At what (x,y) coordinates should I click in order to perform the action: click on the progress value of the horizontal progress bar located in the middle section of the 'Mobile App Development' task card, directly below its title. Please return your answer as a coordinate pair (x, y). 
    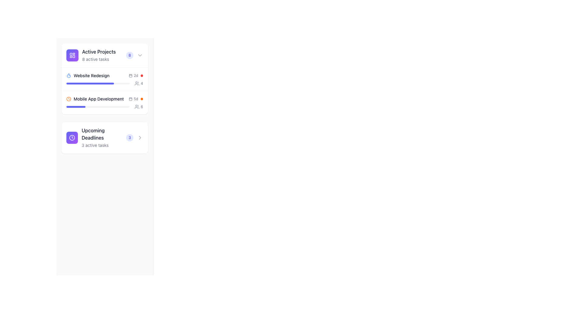
    Looking at the image, I should click on (98, 107).